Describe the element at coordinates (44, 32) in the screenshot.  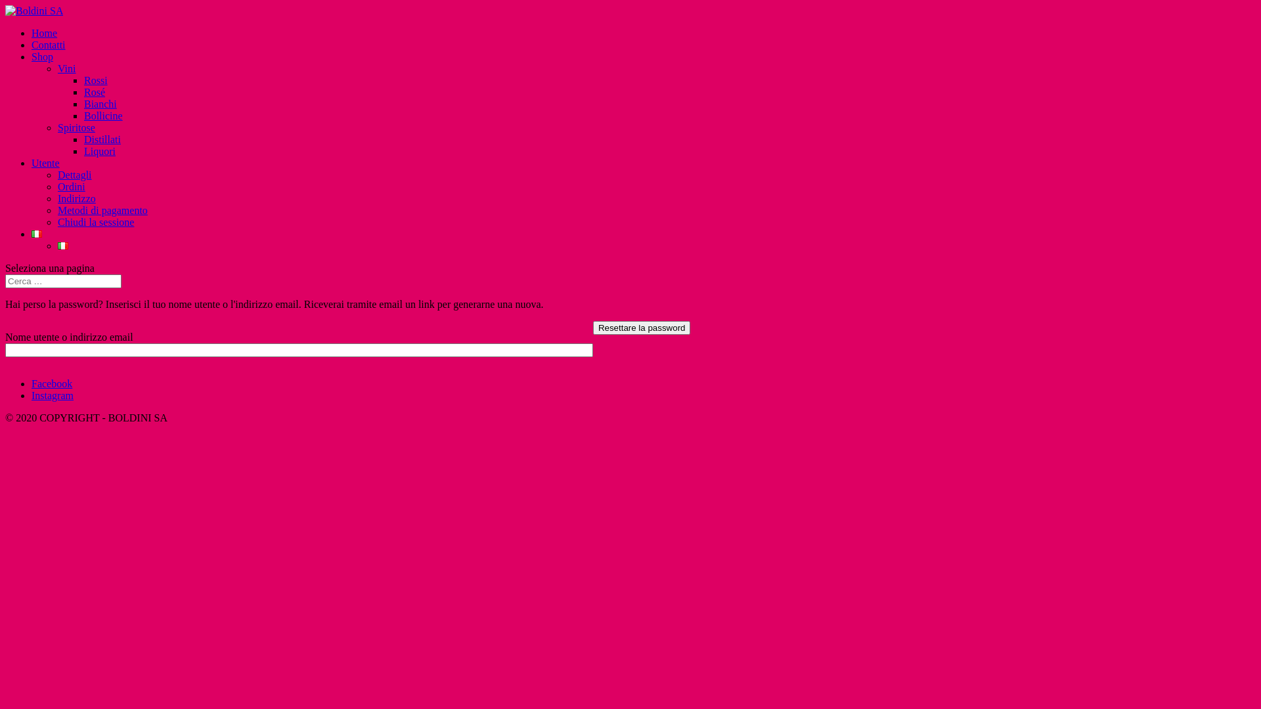
I see `'Home'` at that location.